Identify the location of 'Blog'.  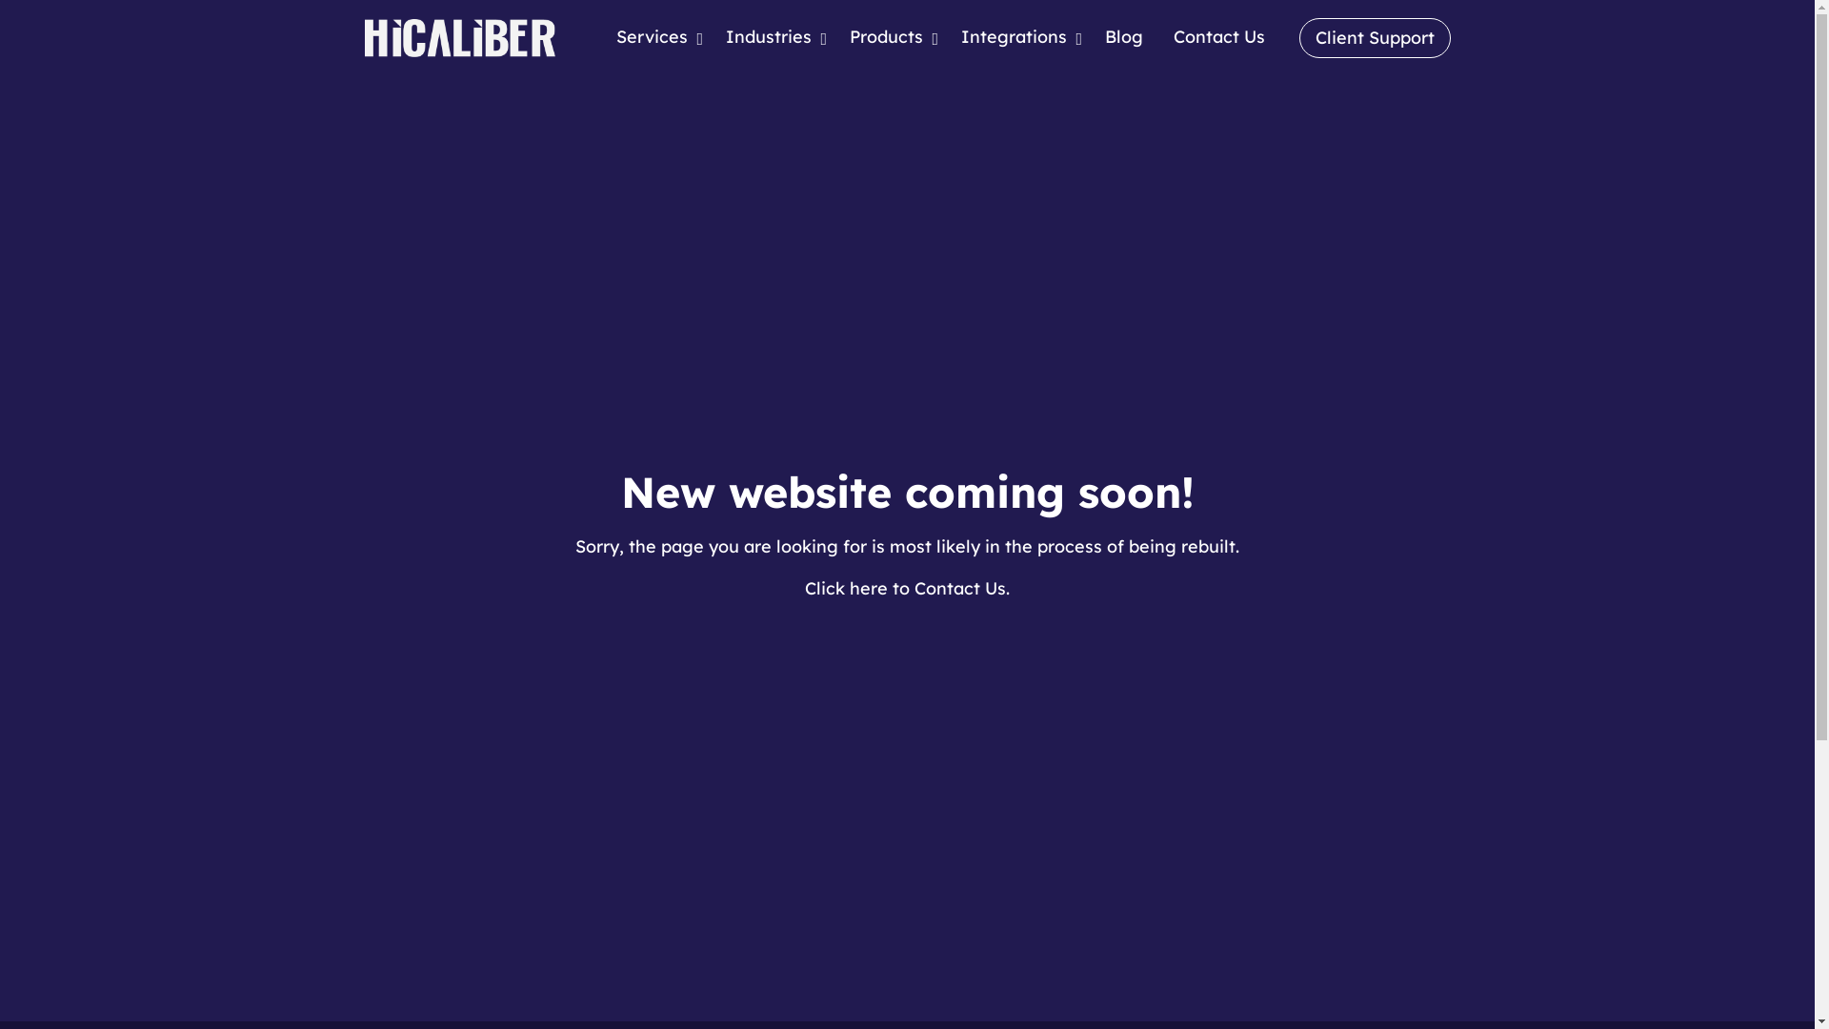
(1124, 36).